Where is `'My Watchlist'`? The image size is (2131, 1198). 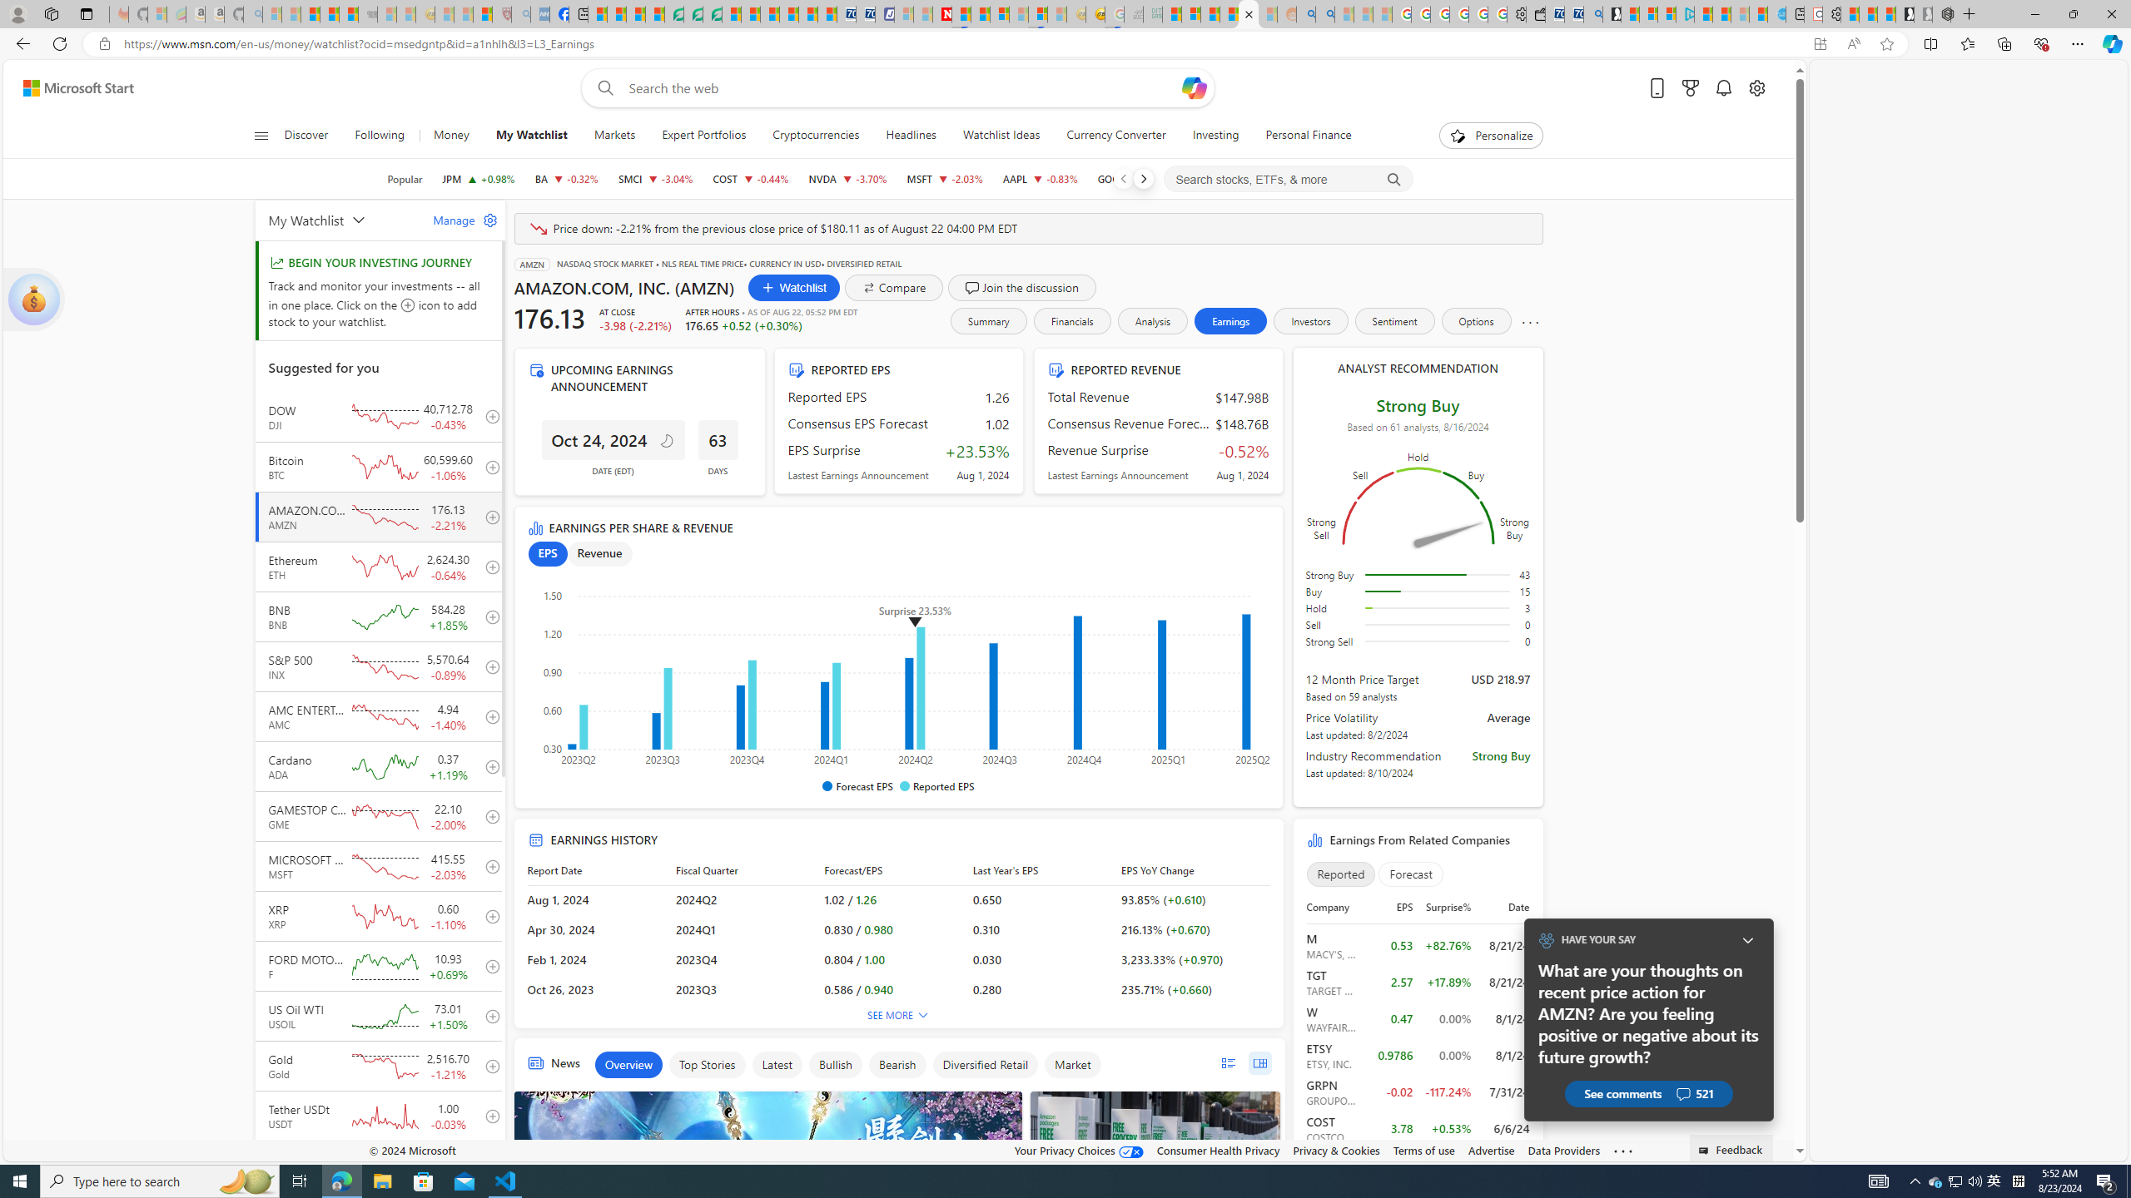
'My Watchlist' is located at coordinates (530, 135).